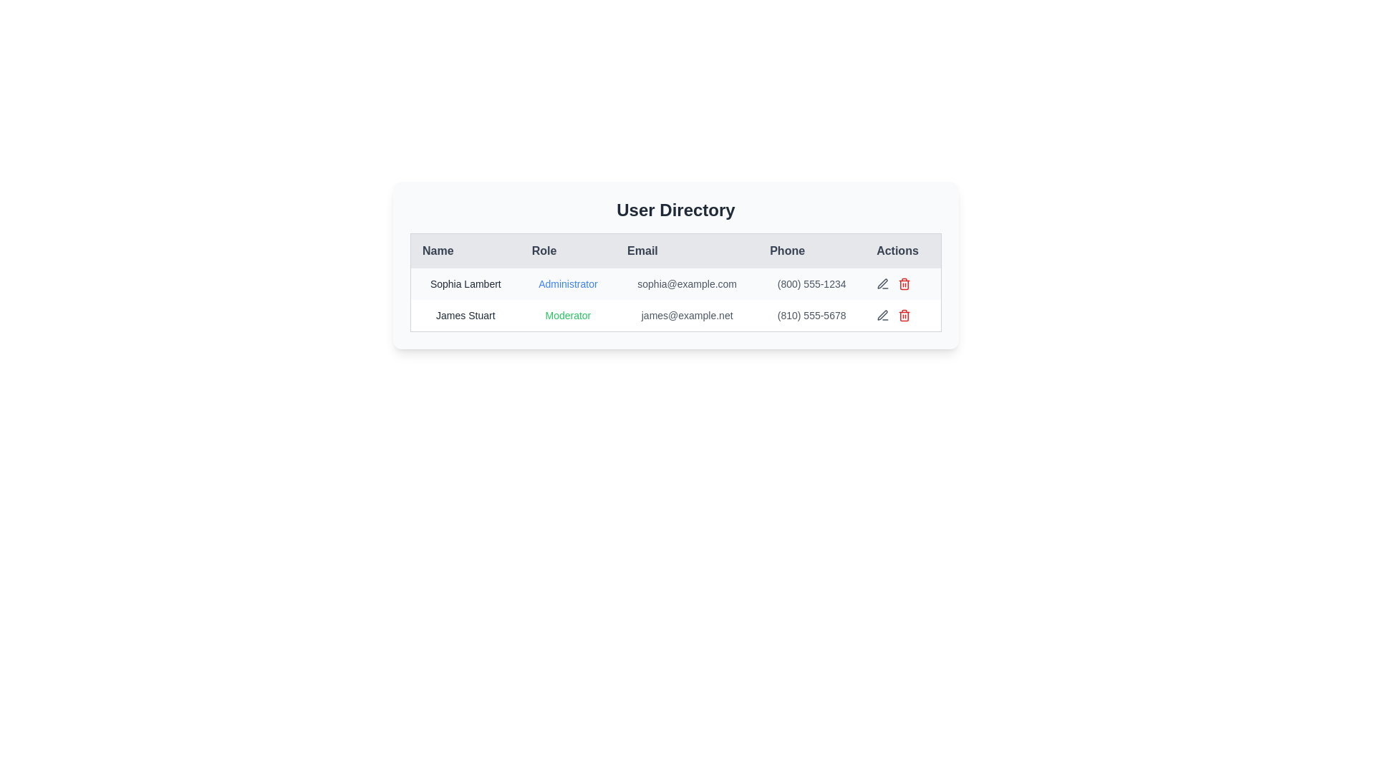 The height and width of the screenshot is (773, 1375). Describe the element at coordinates (465, 284) in the screenshot. I see `the text label displaying 'Sophia Lambert', which is the first item in the 'Name' column of the user directory table` at that location.